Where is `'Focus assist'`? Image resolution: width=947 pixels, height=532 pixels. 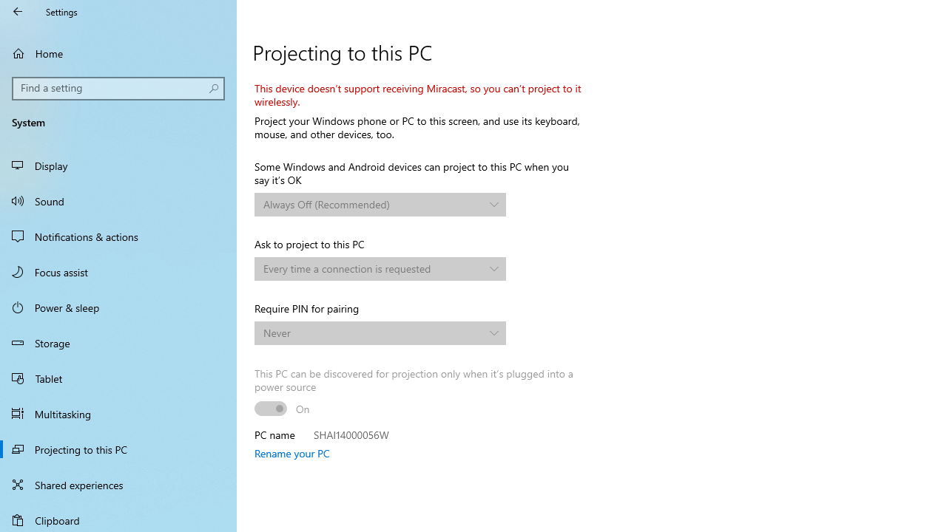
'Focus assist' is located at coordinates (118, 271).